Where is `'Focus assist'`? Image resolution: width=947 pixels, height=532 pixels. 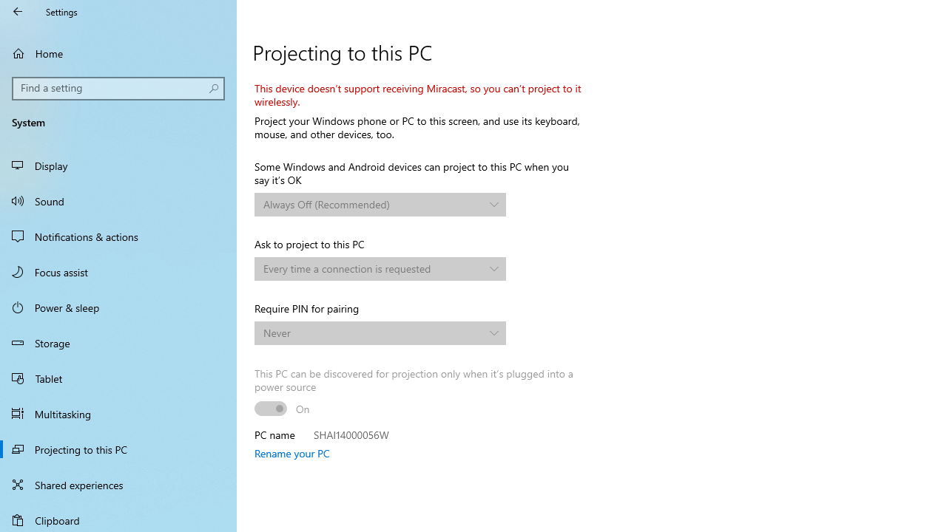
'Focus assist' is located at coordinates (118, 271).